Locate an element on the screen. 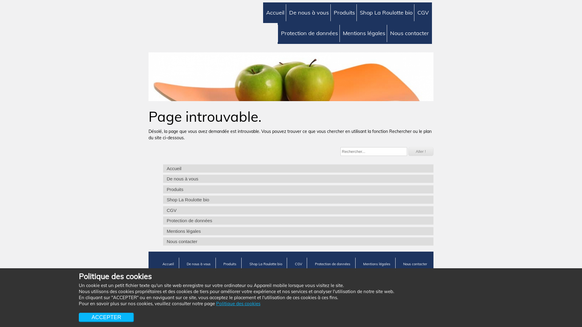 Image resolution: width=582 pixels, height=327 pixels. 'Politique des cookies' is located at coordinates (238, 303).